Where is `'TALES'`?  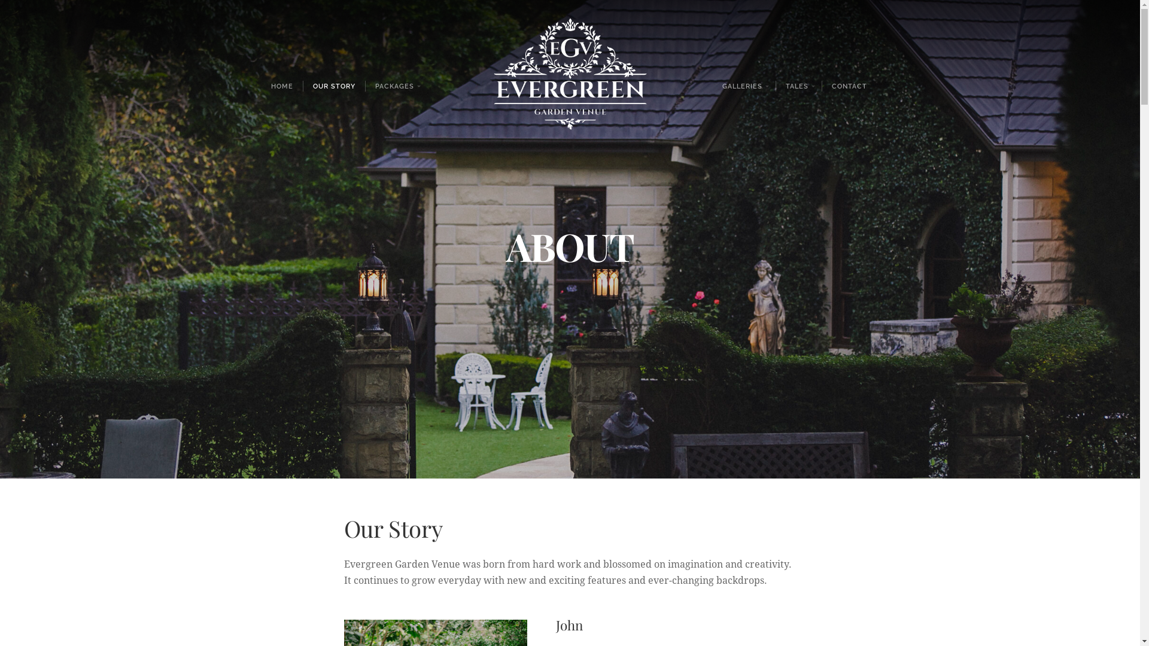 'TALES' is located at coordinates (798, 85).